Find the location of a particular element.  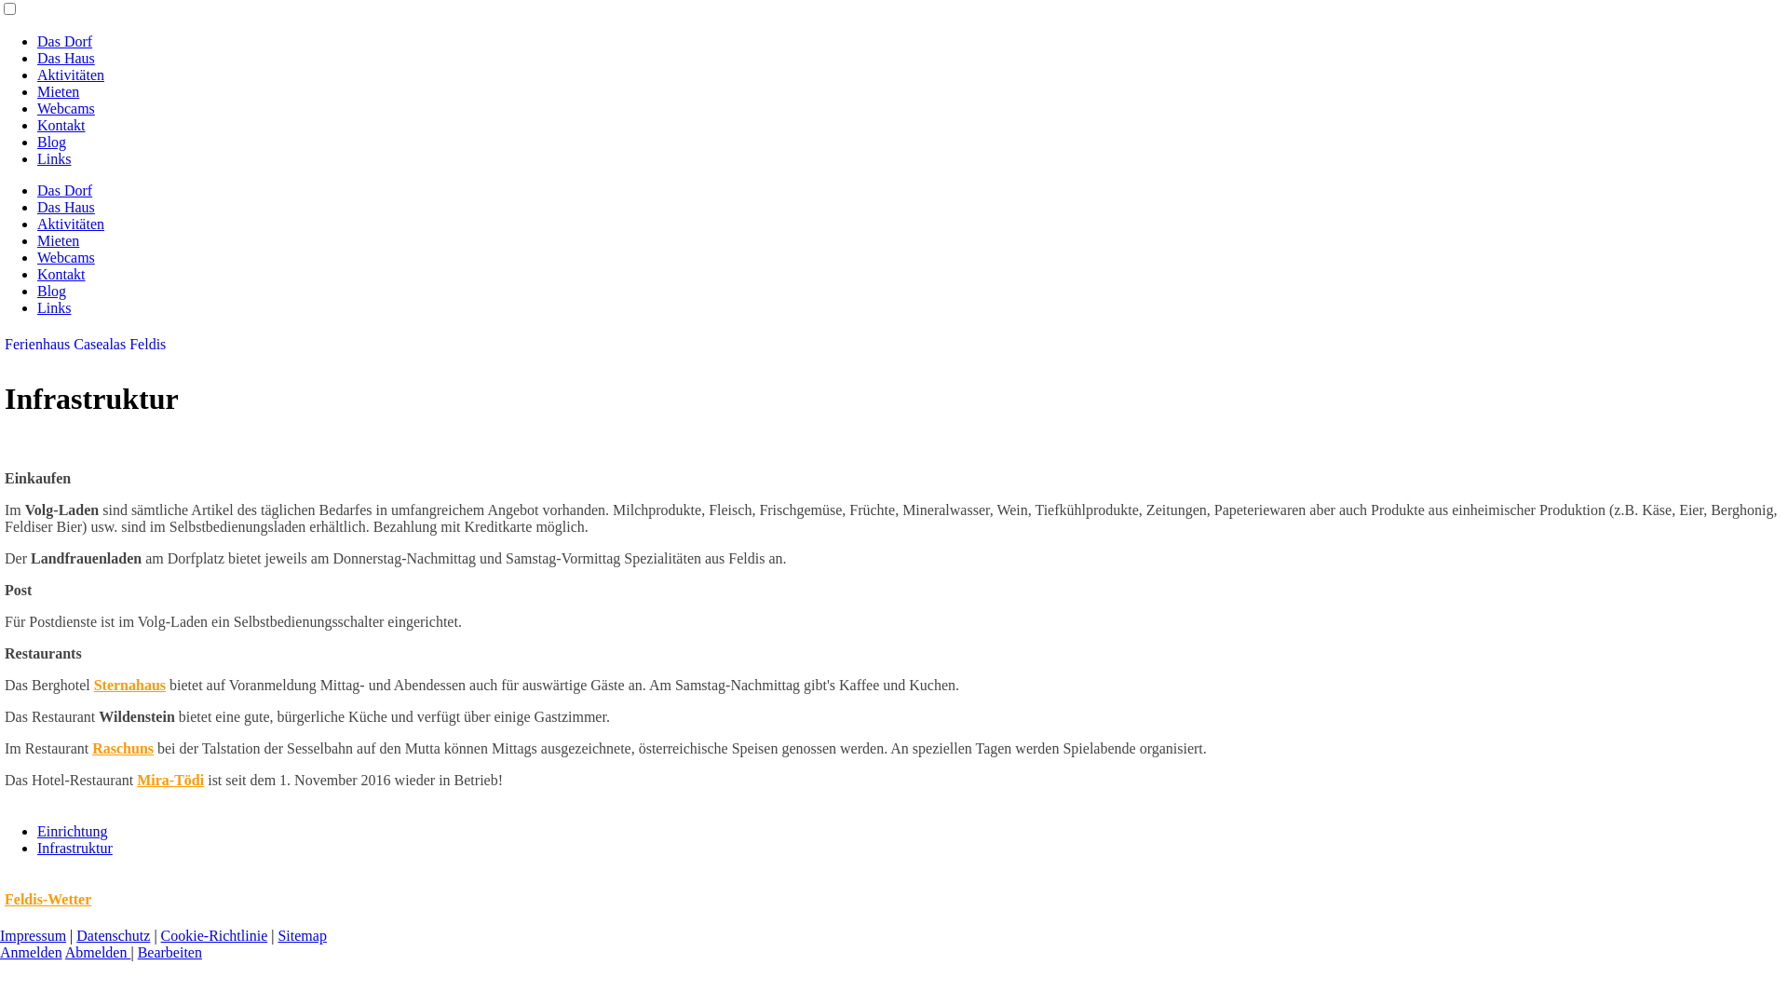

'Raschuns' is located at coordinates (122, 747).